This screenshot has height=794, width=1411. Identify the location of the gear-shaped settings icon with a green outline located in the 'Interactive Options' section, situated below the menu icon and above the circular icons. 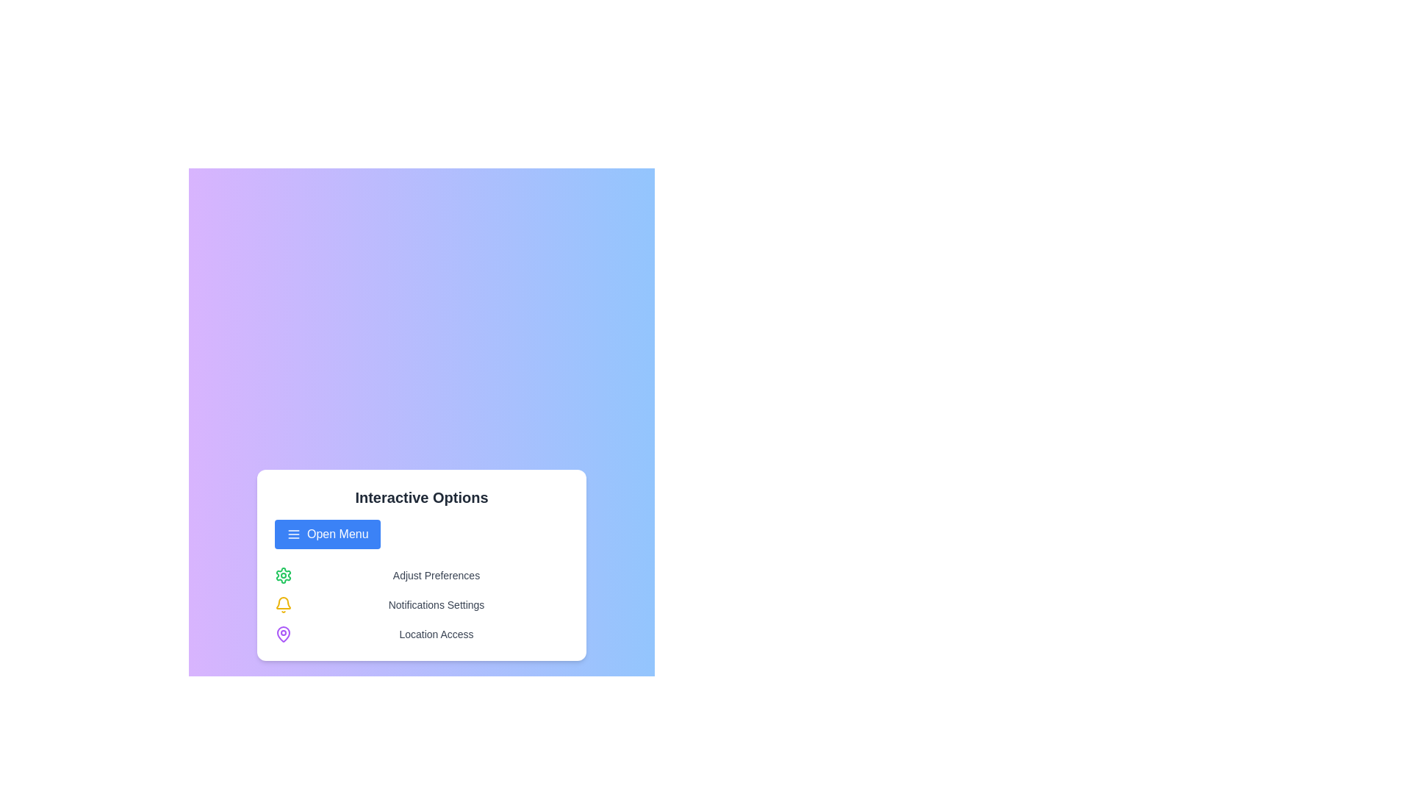
(283, 575).